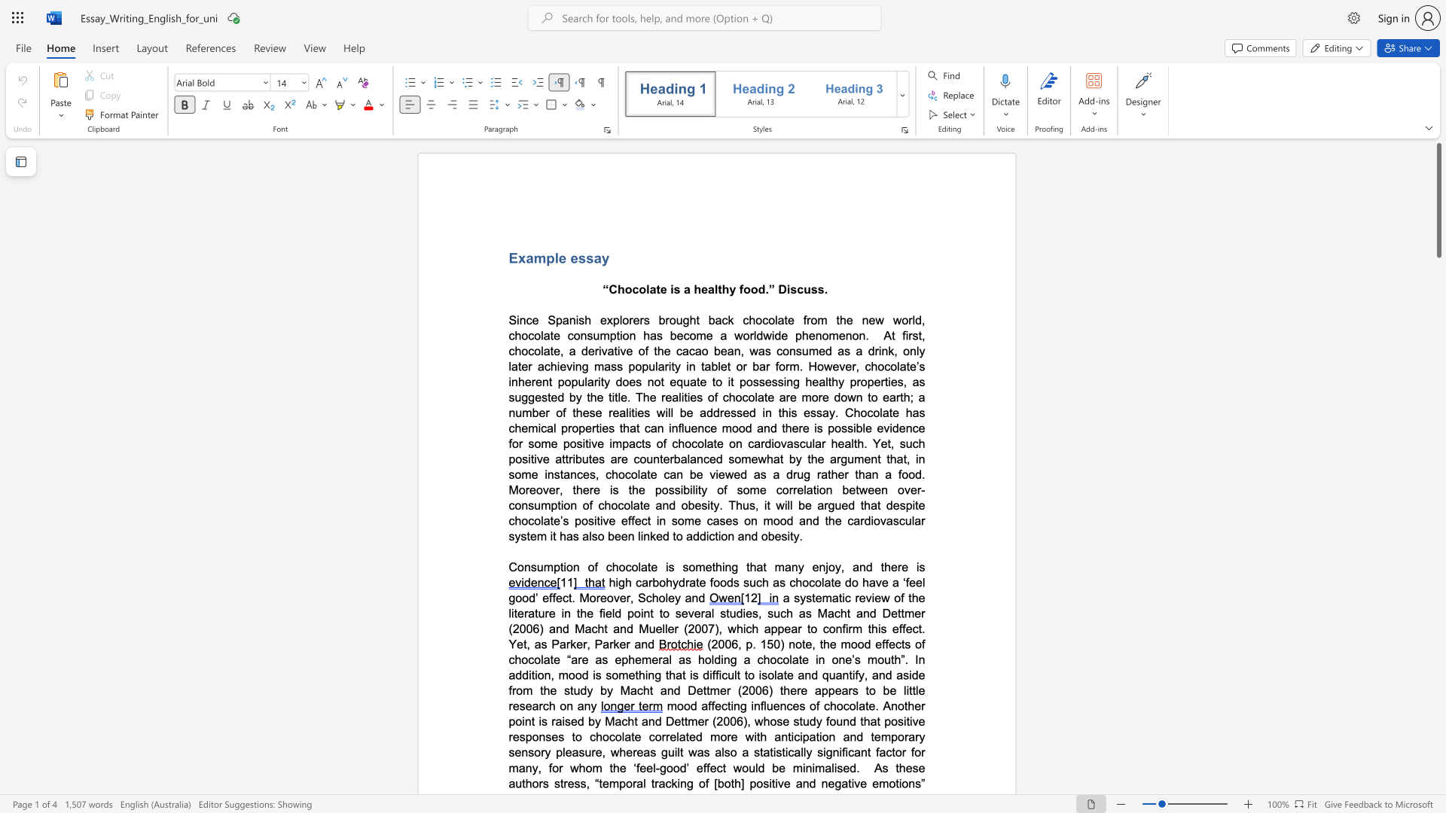 The width and height of the screenshot is (1446, 813). Describe the element at coordinates (1438, 286) in the screenshot. I see `the right-hand scrollbar to descend the page` at that location.